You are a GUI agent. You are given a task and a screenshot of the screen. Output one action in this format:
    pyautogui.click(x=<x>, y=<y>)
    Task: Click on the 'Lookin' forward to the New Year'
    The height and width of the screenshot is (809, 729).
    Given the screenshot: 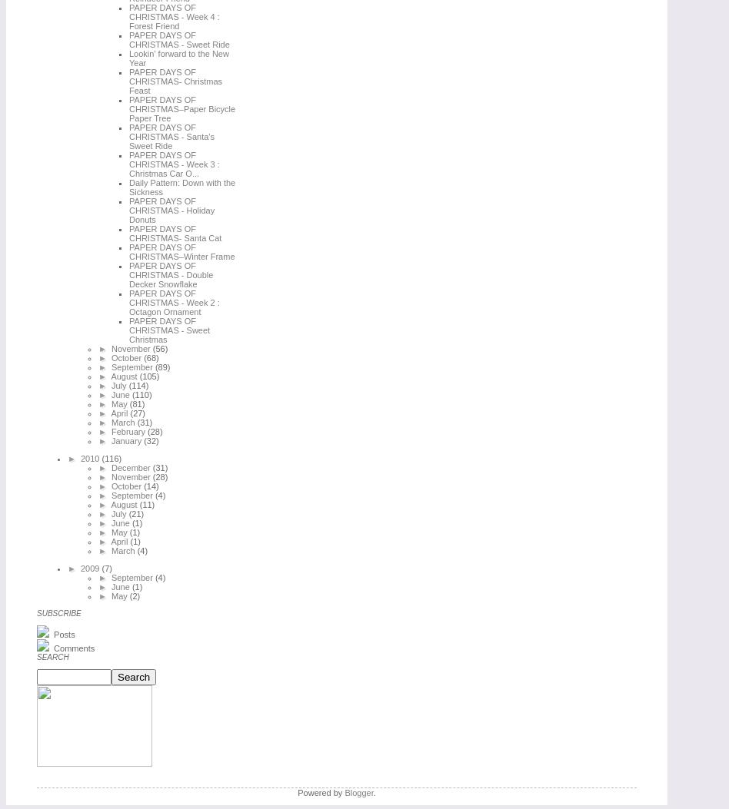 What is the action you would take?
    pyautogui.click(x=178, y=58)
    